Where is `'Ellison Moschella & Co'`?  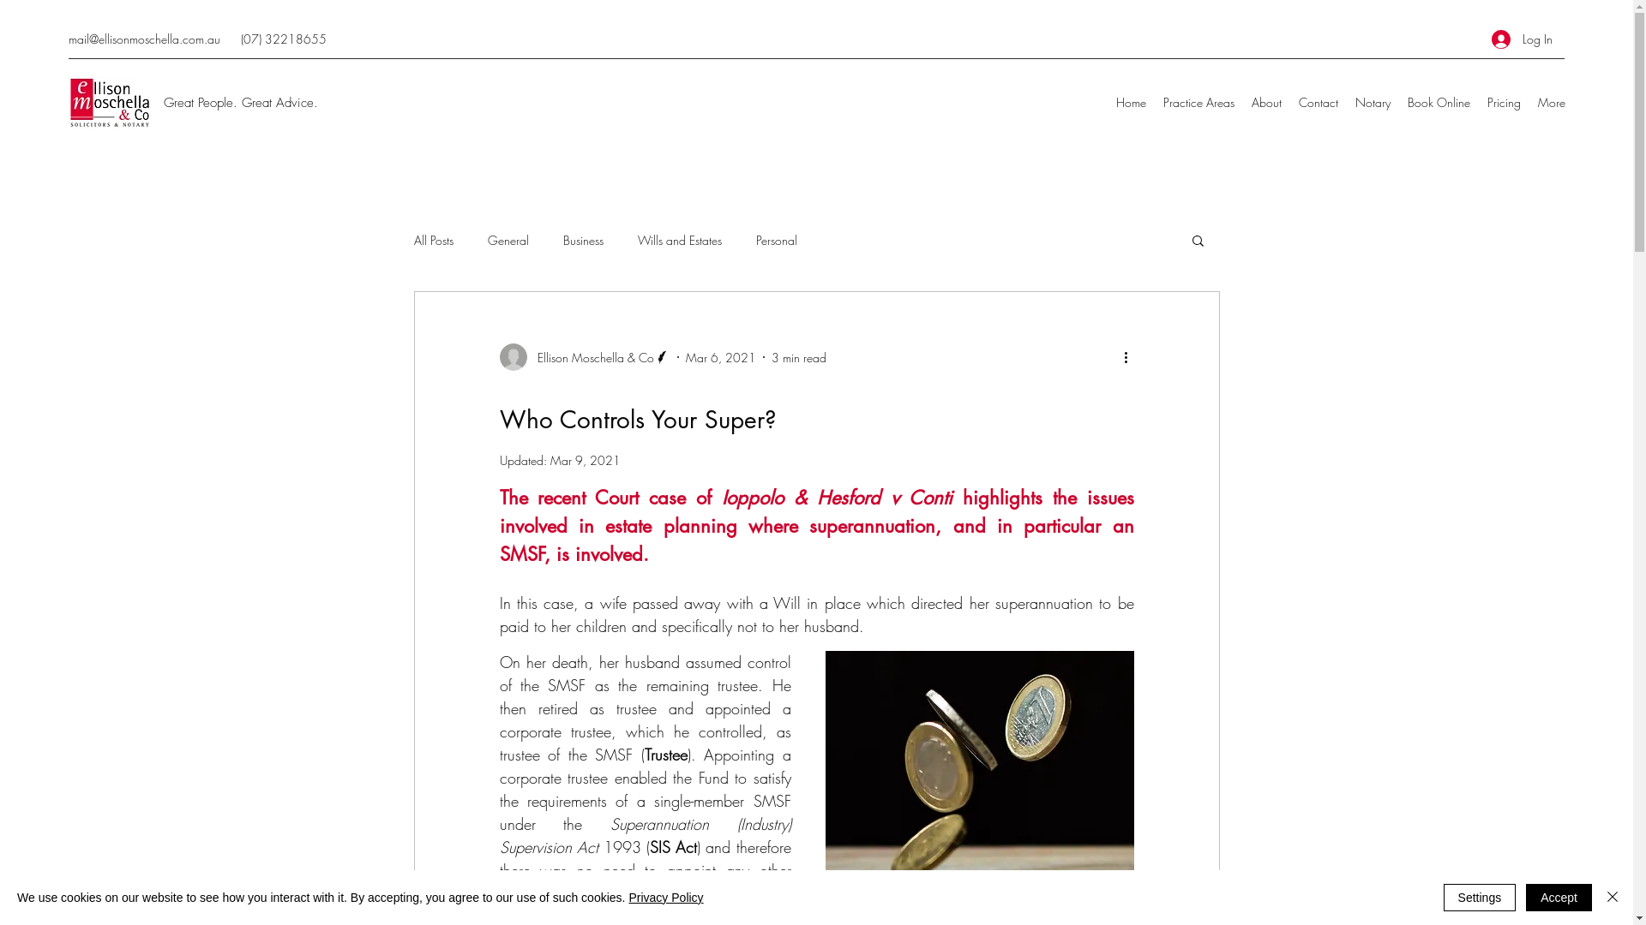
'Ellison Moschella & Co' is located at coordinates (497, 355).